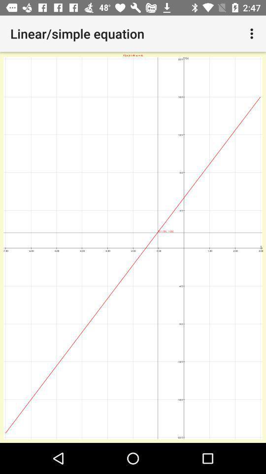  I want to click on the item to the right of linear/simple equation, so click(253, 34).